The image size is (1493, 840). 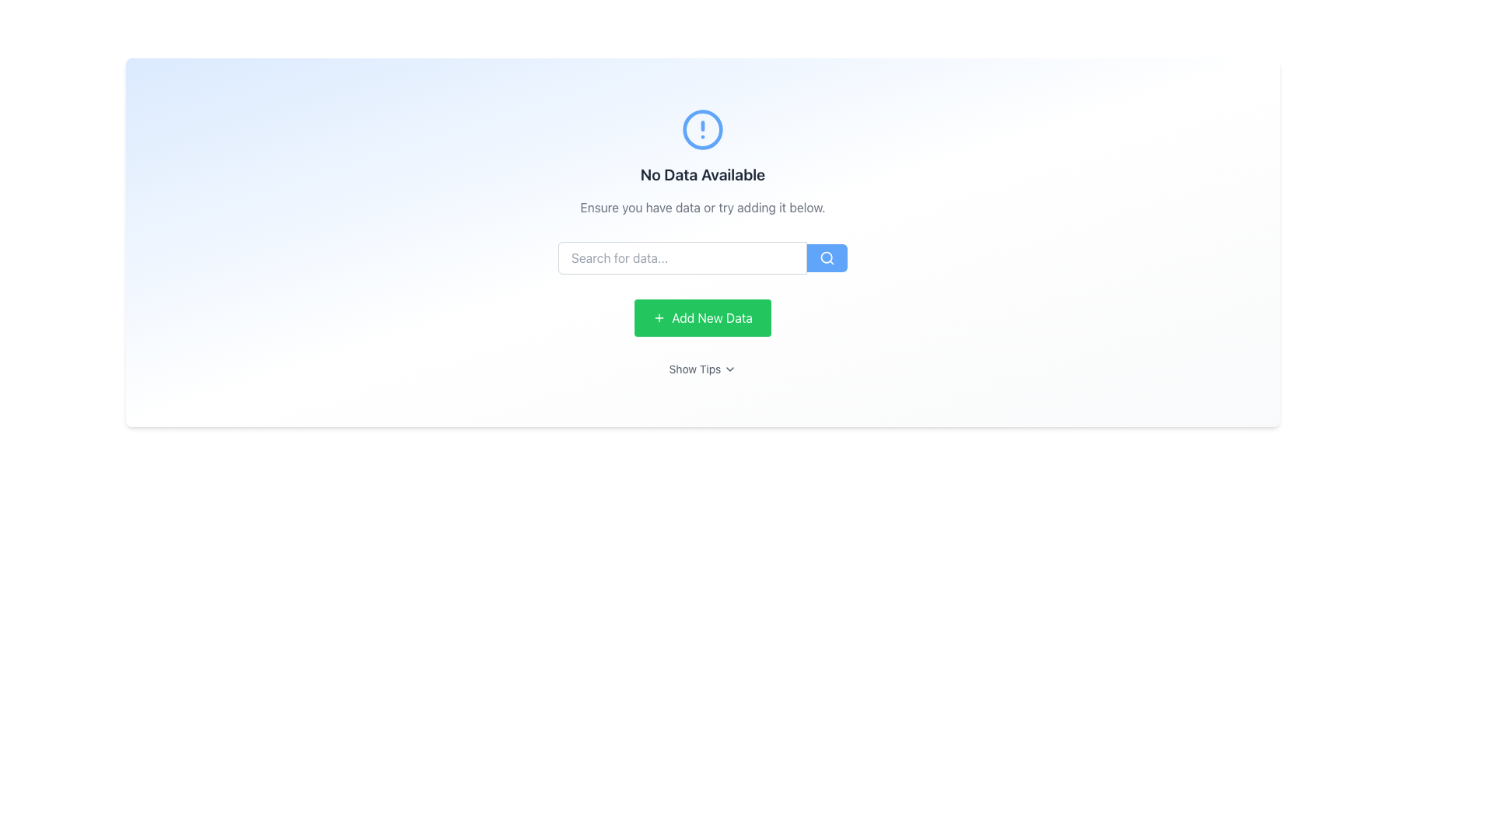 I want to click on text label displaying 'Ensure you have data or try adding it below.' for accessibility compliance, which is positioned below the 'No Data Available' headline, so click(x=701, y=206).